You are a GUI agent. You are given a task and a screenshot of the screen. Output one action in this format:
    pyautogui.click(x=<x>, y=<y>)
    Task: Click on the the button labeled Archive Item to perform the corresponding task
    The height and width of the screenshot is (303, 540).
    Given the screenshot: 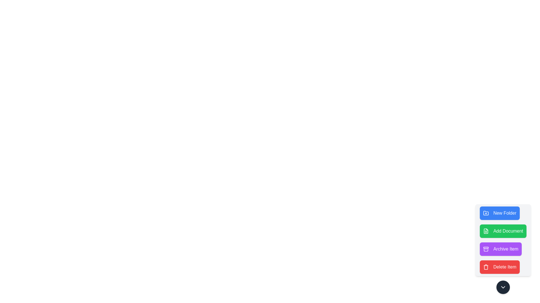 What is the action you would take?
    pyautogui.click(x=501, y=249)
    